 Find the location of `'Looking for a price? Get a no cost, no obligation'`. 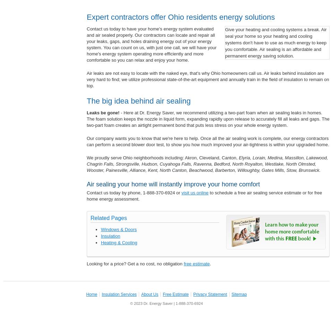

'Looking for a price? Get a no cost, no obligation' is located at coordinates (86, 263).